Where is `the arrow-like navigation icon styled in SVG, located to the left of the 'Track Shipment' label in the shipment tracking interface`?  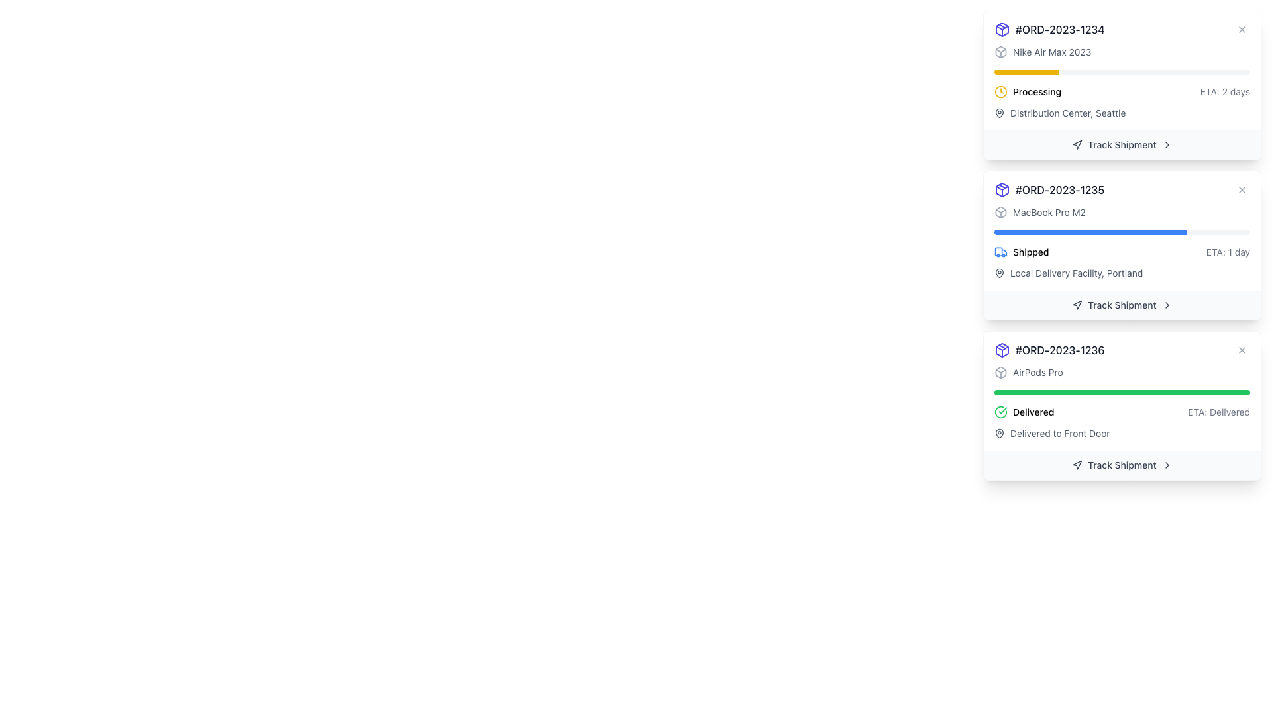 the arrow-like navigation icon styled in SVG, located to the left of the 'Track Shipment' label in the shipment tracking interface is located at coordinates (1077, 464).